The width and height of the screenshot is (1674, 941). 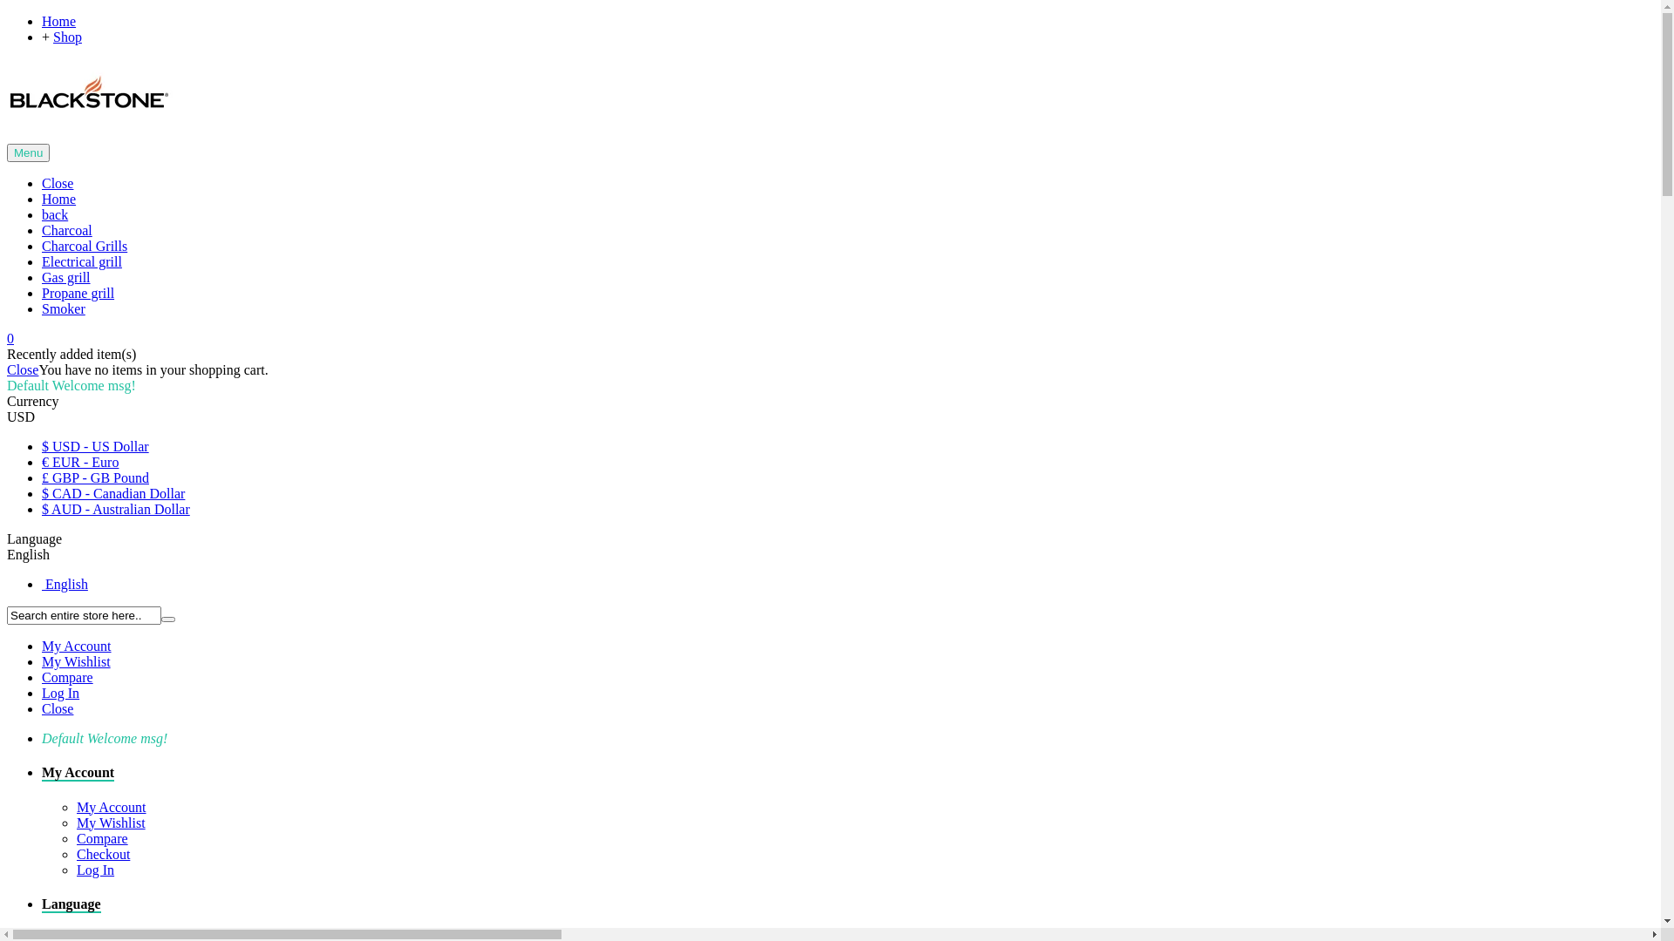 What do you see at coordinates (10, 338) in the screenshot?
I see `'0'` at bounding box center [10, 338].